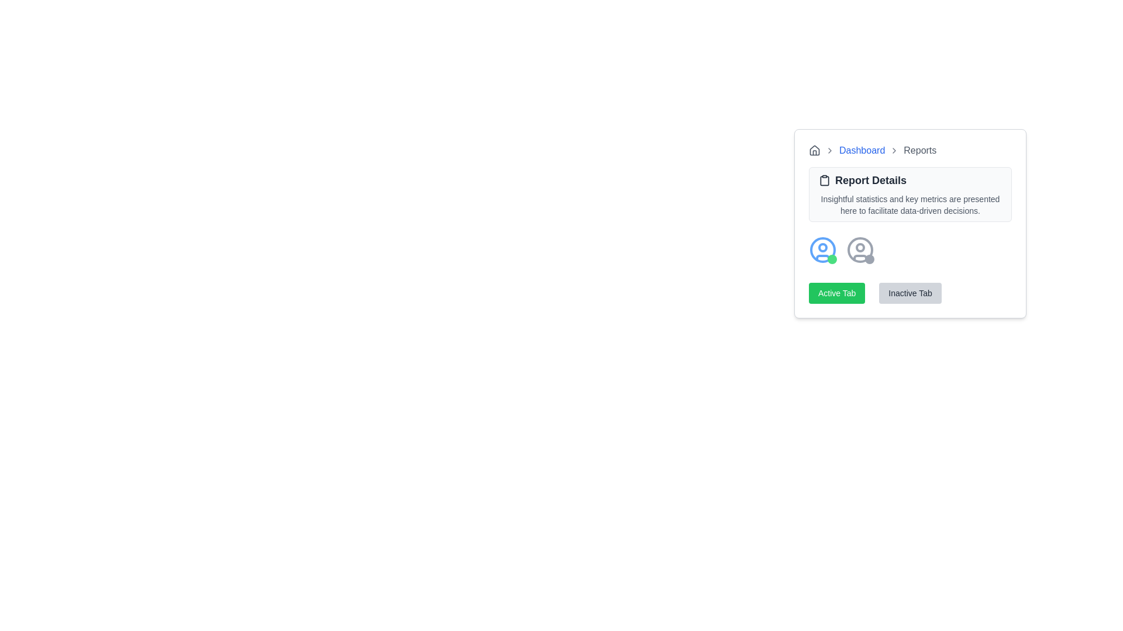  What do you see at coordinates (894, 150) in the screenshot?
I see `the breadcrumb navigation separator icon, which is a small chevron icon styled with a gray stroke, positioned between 'Dashboard' and 'Reports'` at bounding box center [894, 150].